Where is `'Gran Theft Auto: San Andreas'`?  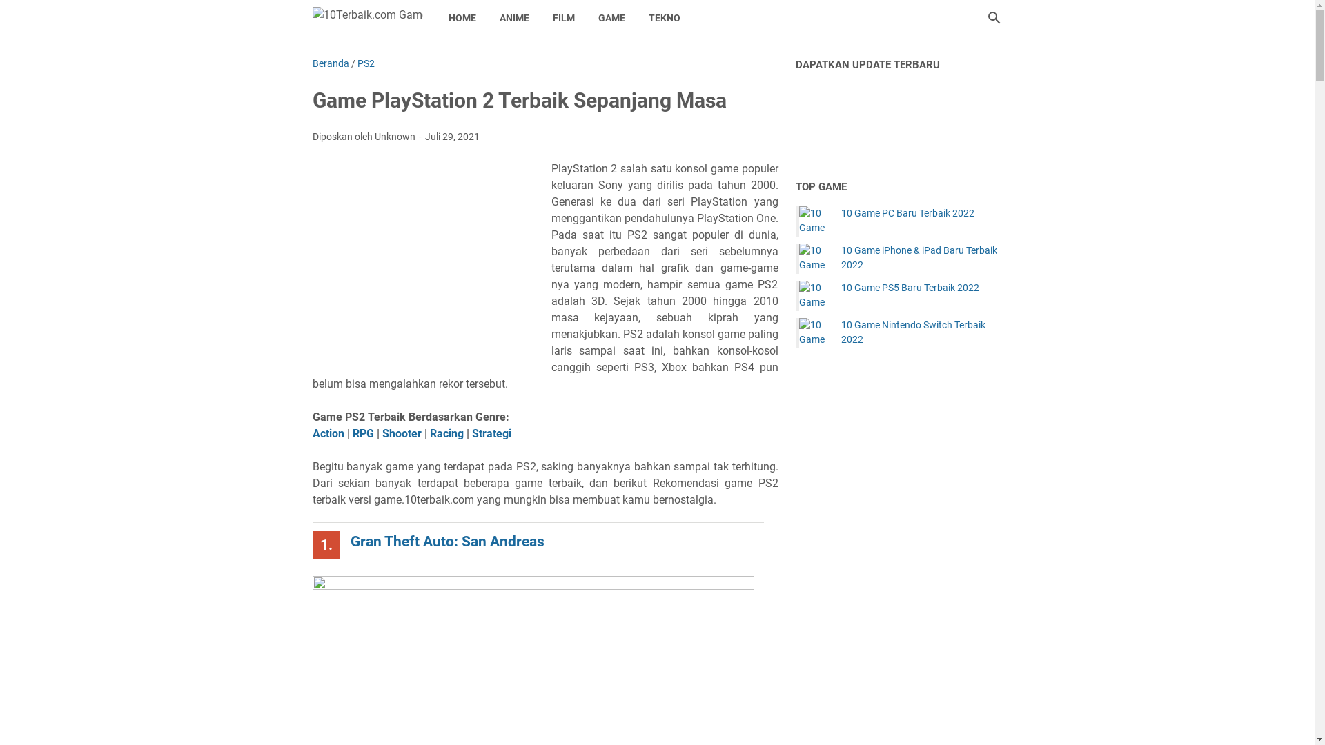 'Gran Theft Auto: San Andreas' is located at coordinates (447, 541).